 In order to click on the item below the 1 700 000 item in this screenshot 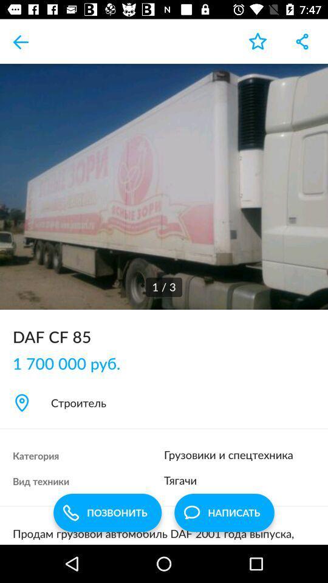, I will do `click(164, 403)`.